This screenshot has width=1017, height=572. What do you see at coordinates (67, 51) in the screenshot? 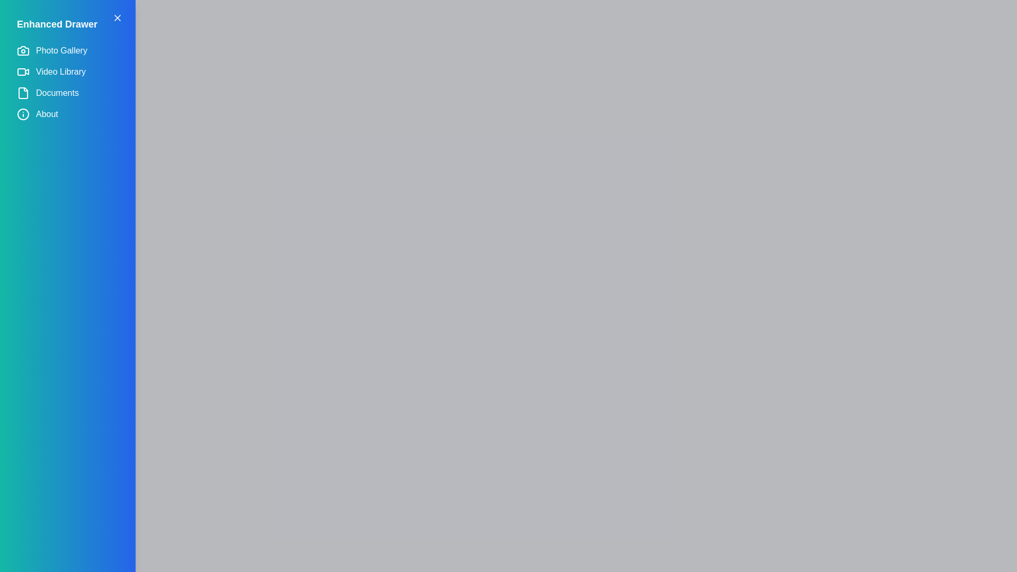
I see `the 'Photo Gallery' menu item, which is the first entry in the sidebar menu, featuring a camera icon and standard font text against a gradient background` at bounding box center [67, 51].